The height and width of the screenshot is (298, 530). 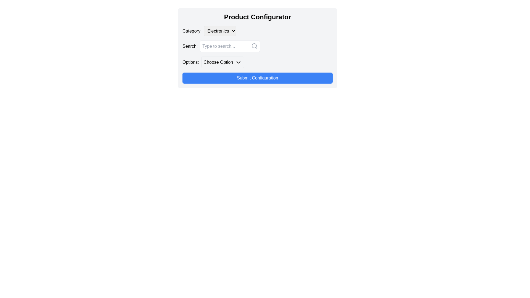 What do you see at coordinates (192, 31) in the screenshot?
I see `the bolded text label displaying 'Category:' which is positioned near the top-left of the form interface, directly left of the 'Electronics' dropdown` at bounding box center [192, 31].